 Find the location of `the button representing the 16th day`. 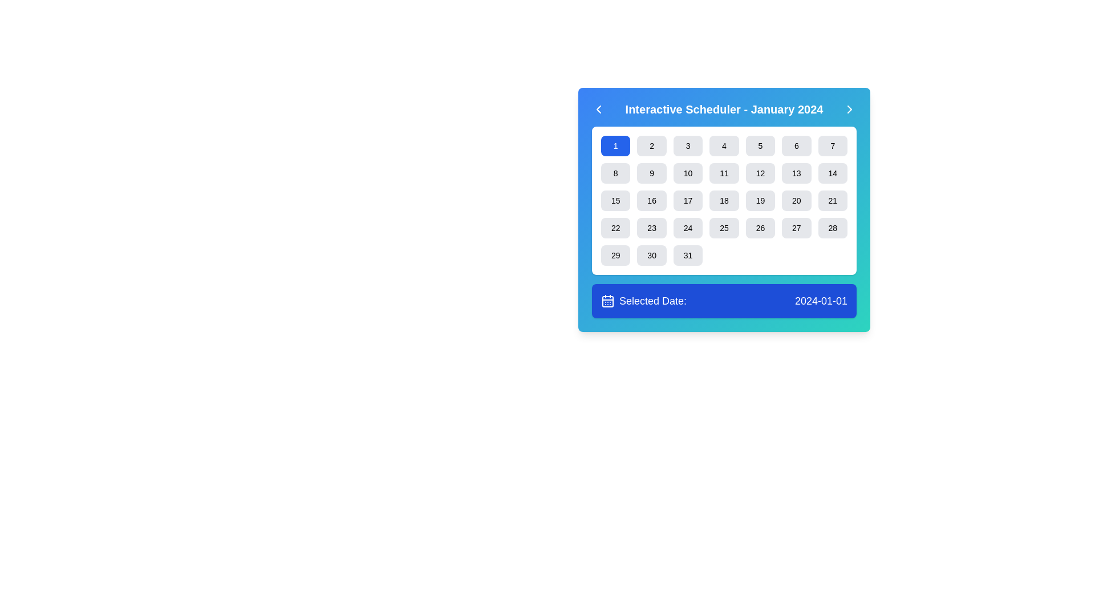

the button representing the 16th day is located at coordinates (652, 200).